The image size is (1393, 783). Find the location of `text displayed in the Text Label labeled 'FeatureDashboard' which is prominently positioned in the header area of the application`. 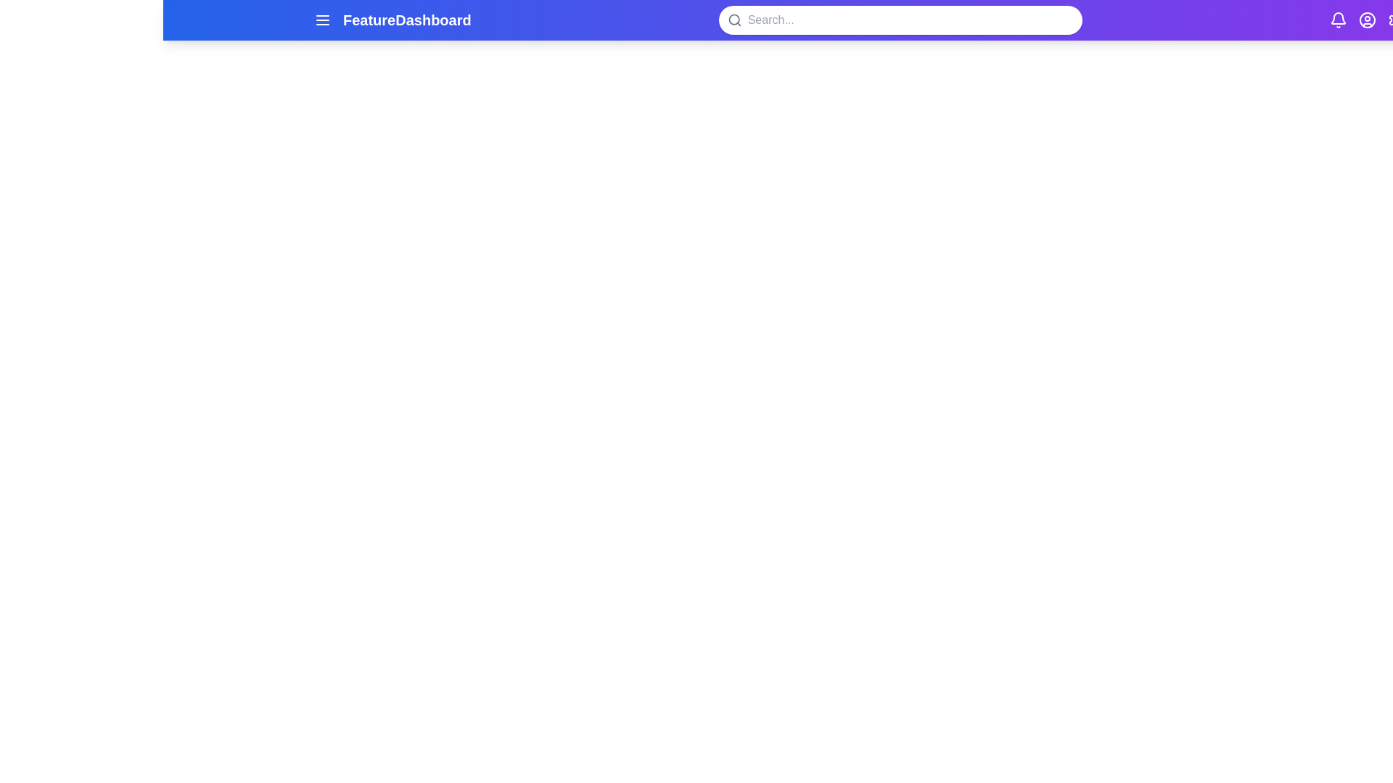

text displayed in the Text Label labeled 'FeatureDashboard' which is prominently positioned in the header area of the application is located at coordinates (406, 20).